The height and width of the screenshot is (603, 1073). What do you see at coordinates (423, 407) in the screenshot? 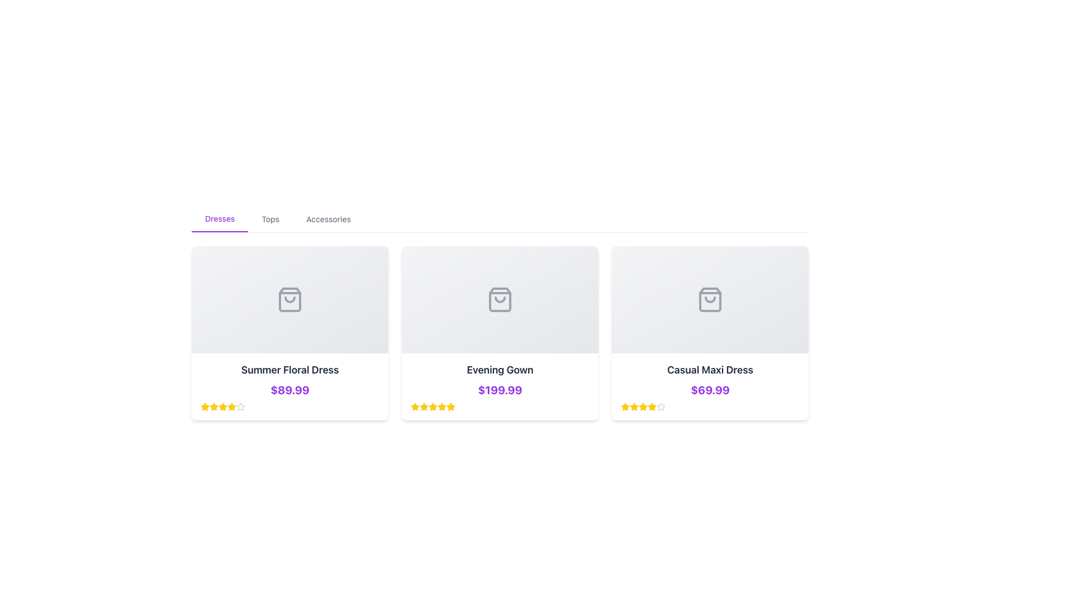
I see `the third star icon in the rating system for the product 'Evening Gown', which is filled with yellow color and has a rounded outline` at bounding box center [423, 407].